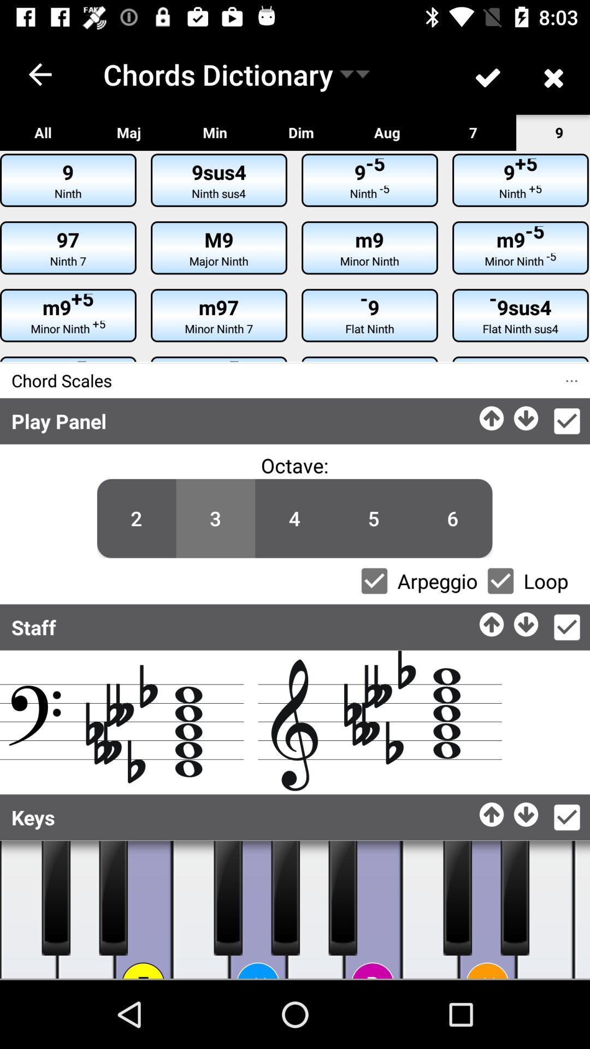 The width and height of the screenshot is (590, 1049). What do you see at coordinates (526, 621) in the screenshot?
I see `down one staff` at bounding box center [526, 621].